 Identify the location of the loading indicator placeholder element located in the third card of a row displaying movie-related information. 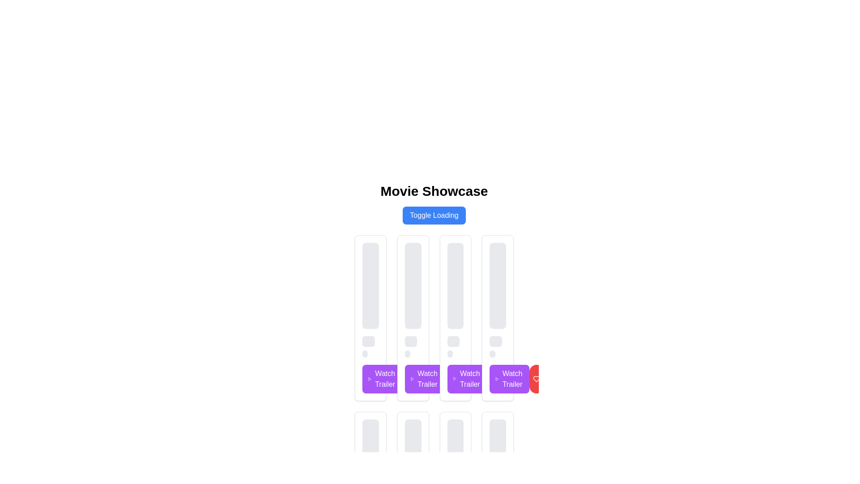
(455, 300).